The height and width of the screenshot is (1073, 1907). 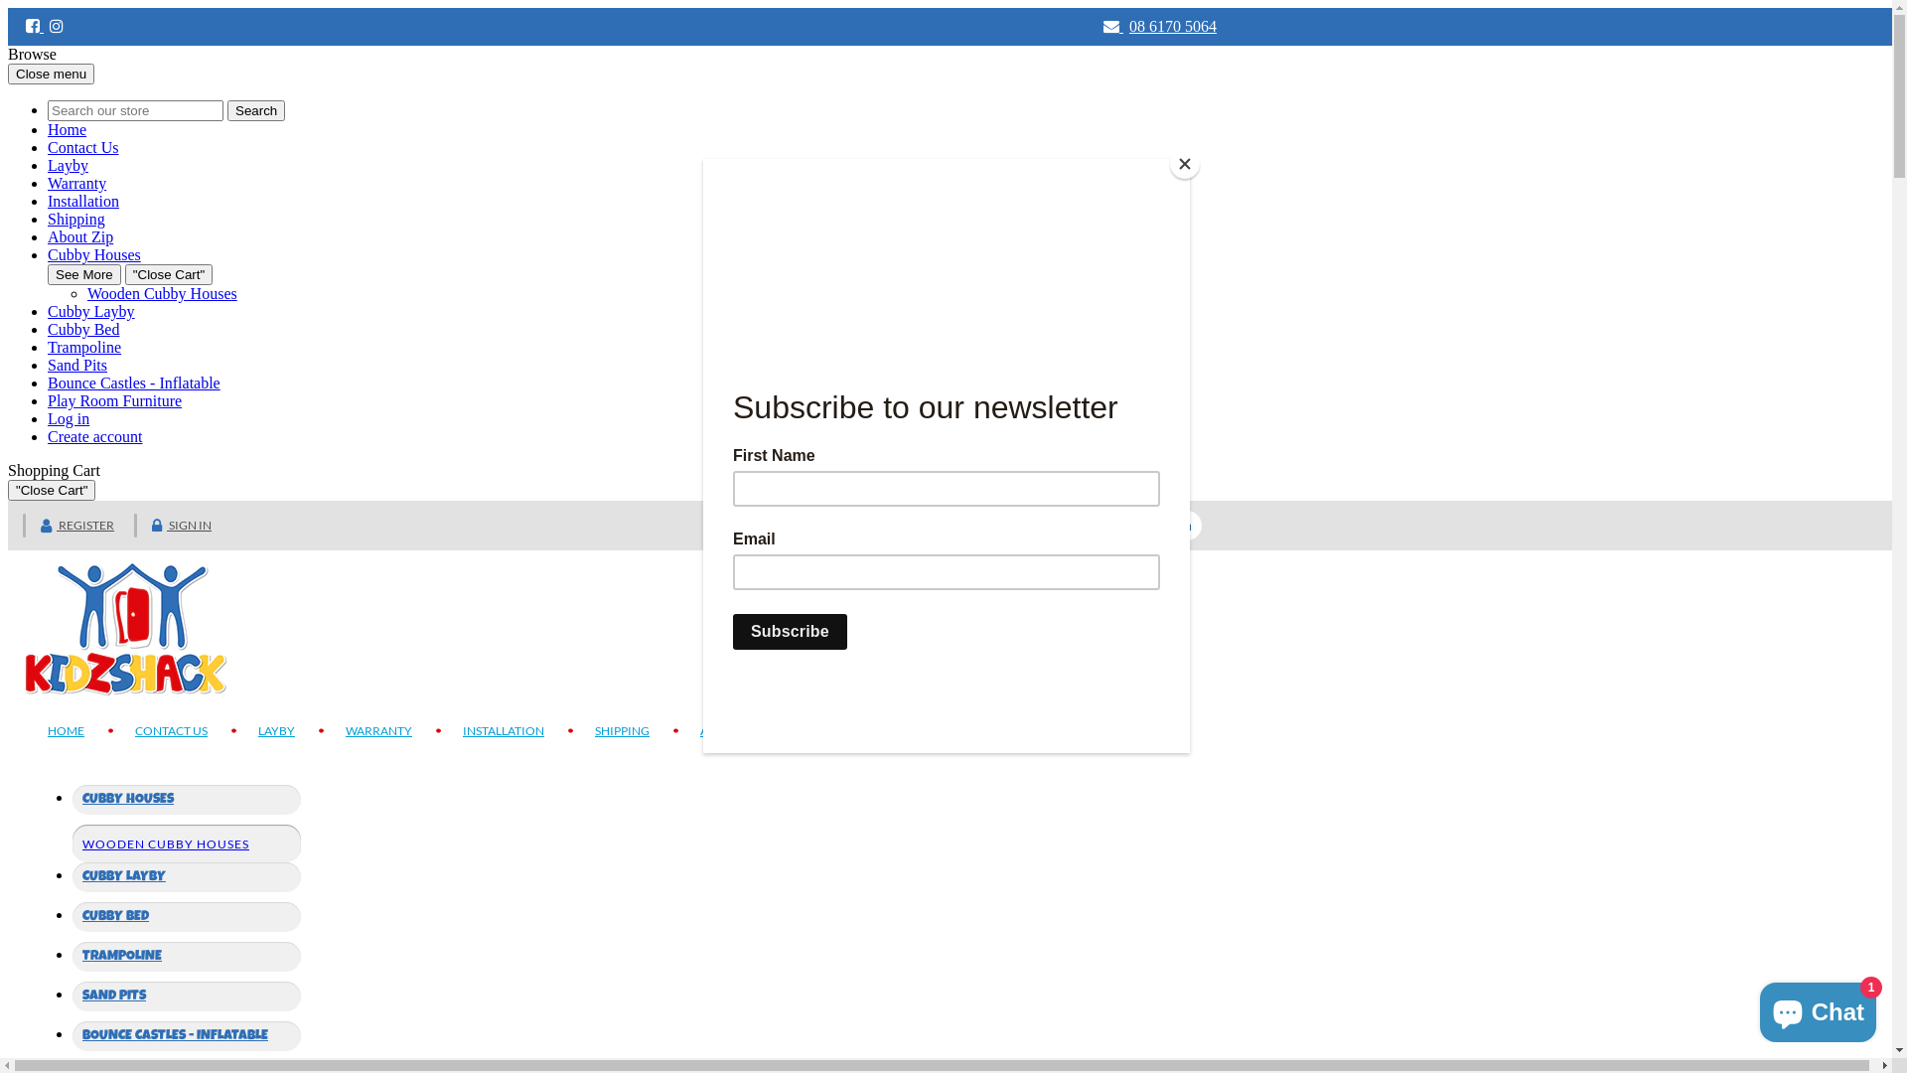 What do you see at coordinates (181, 524) in the screenshot?
I see `'SIGN IN'` at bounding box center [181, 524].